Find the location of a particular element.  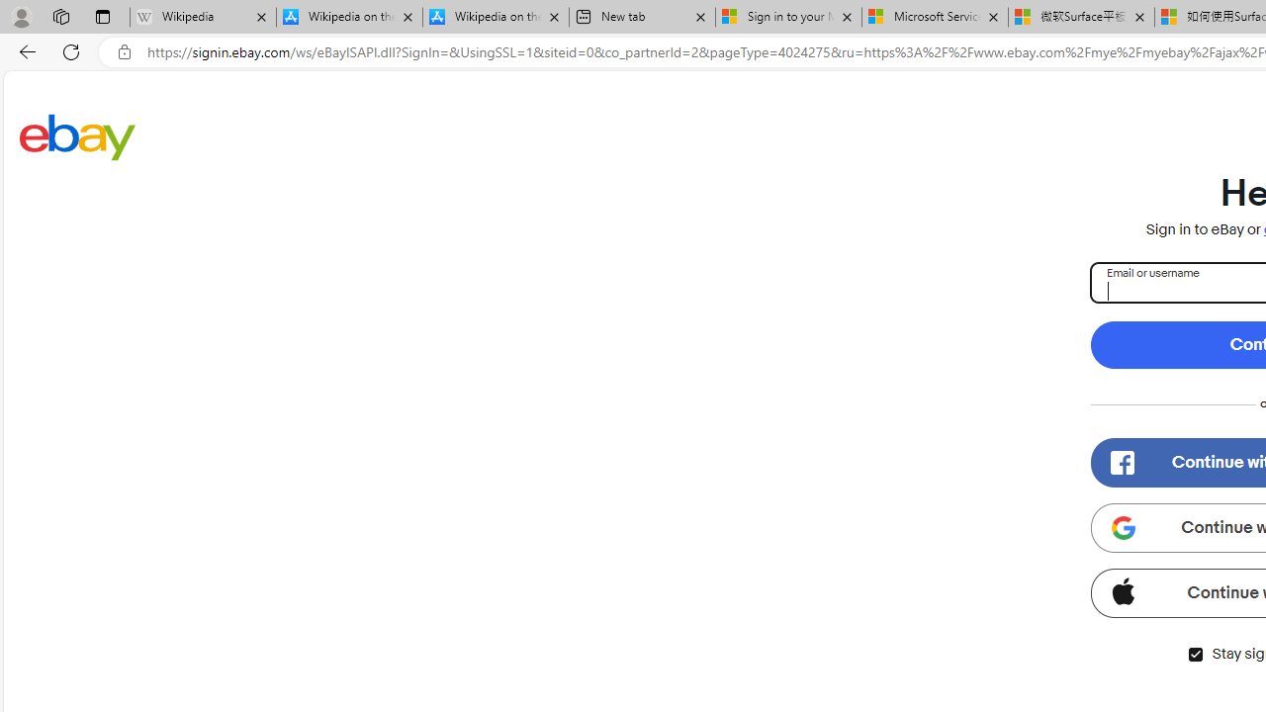

'Sign in to your Microsoft account' is located at coordinates (788, 17).